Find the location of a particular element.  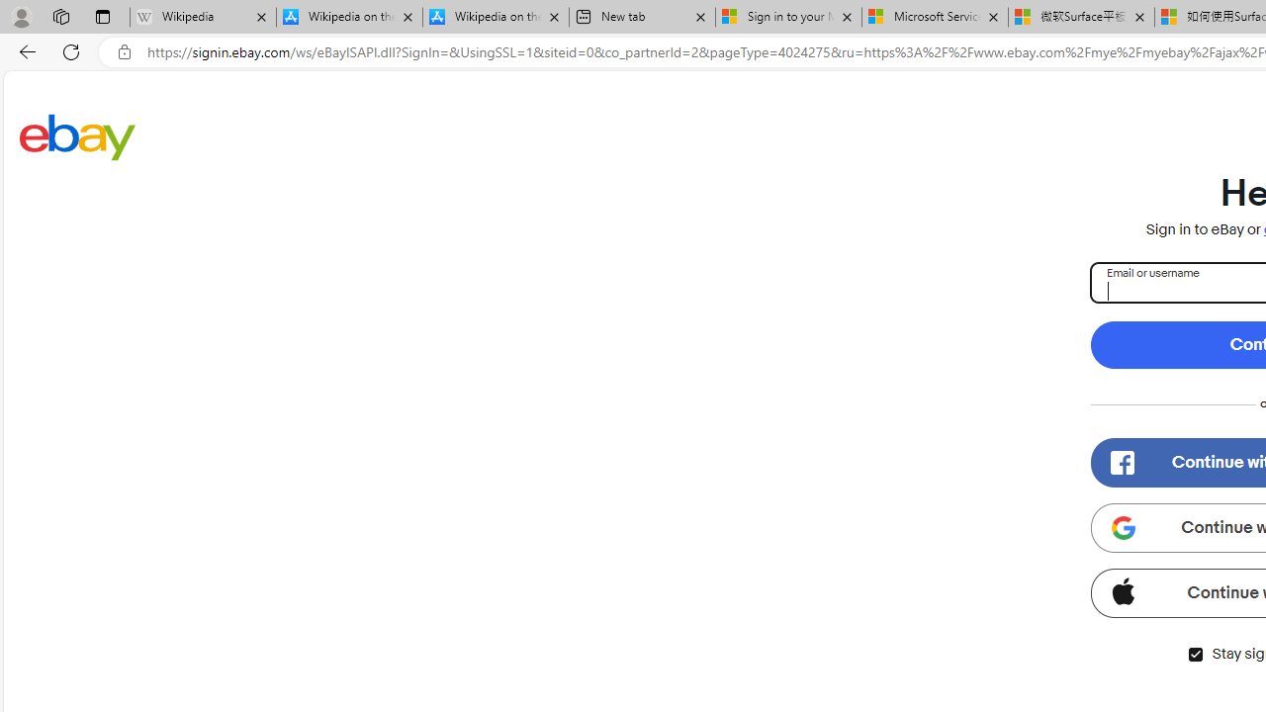

'Sign in to your Microsoft account' is located at coordinates (788, 17).